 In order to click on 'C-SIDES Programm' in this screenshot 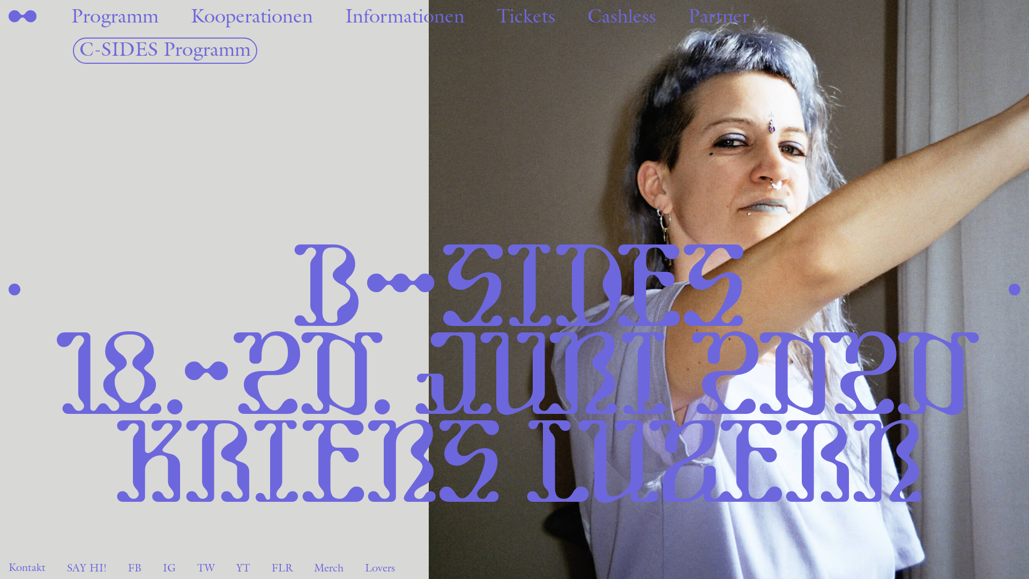, I will do `click(164, 50)`.